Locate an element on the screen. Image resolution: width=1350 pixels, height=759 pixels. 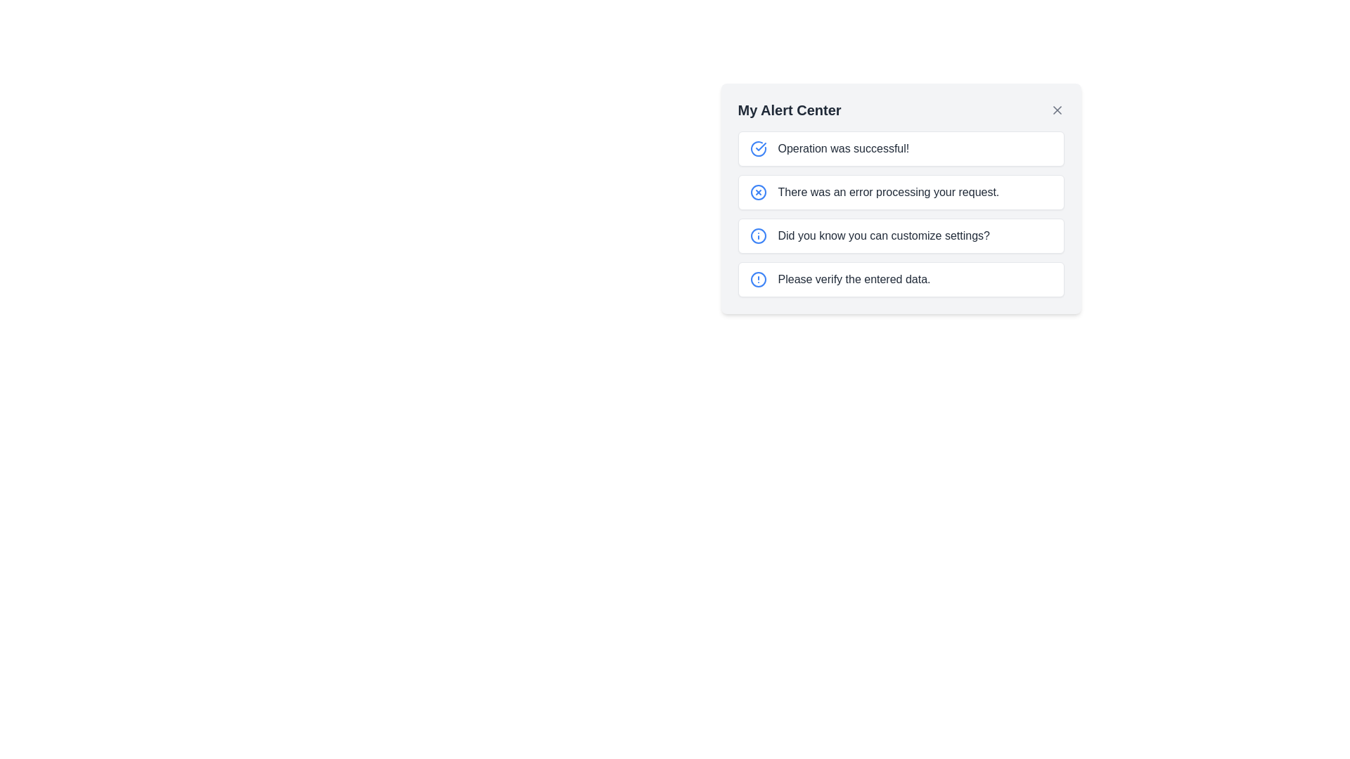
the success icon located at the leftmost part of the alert box, next to the message 'Operation was successful!' is located at coordinates (757, 149).